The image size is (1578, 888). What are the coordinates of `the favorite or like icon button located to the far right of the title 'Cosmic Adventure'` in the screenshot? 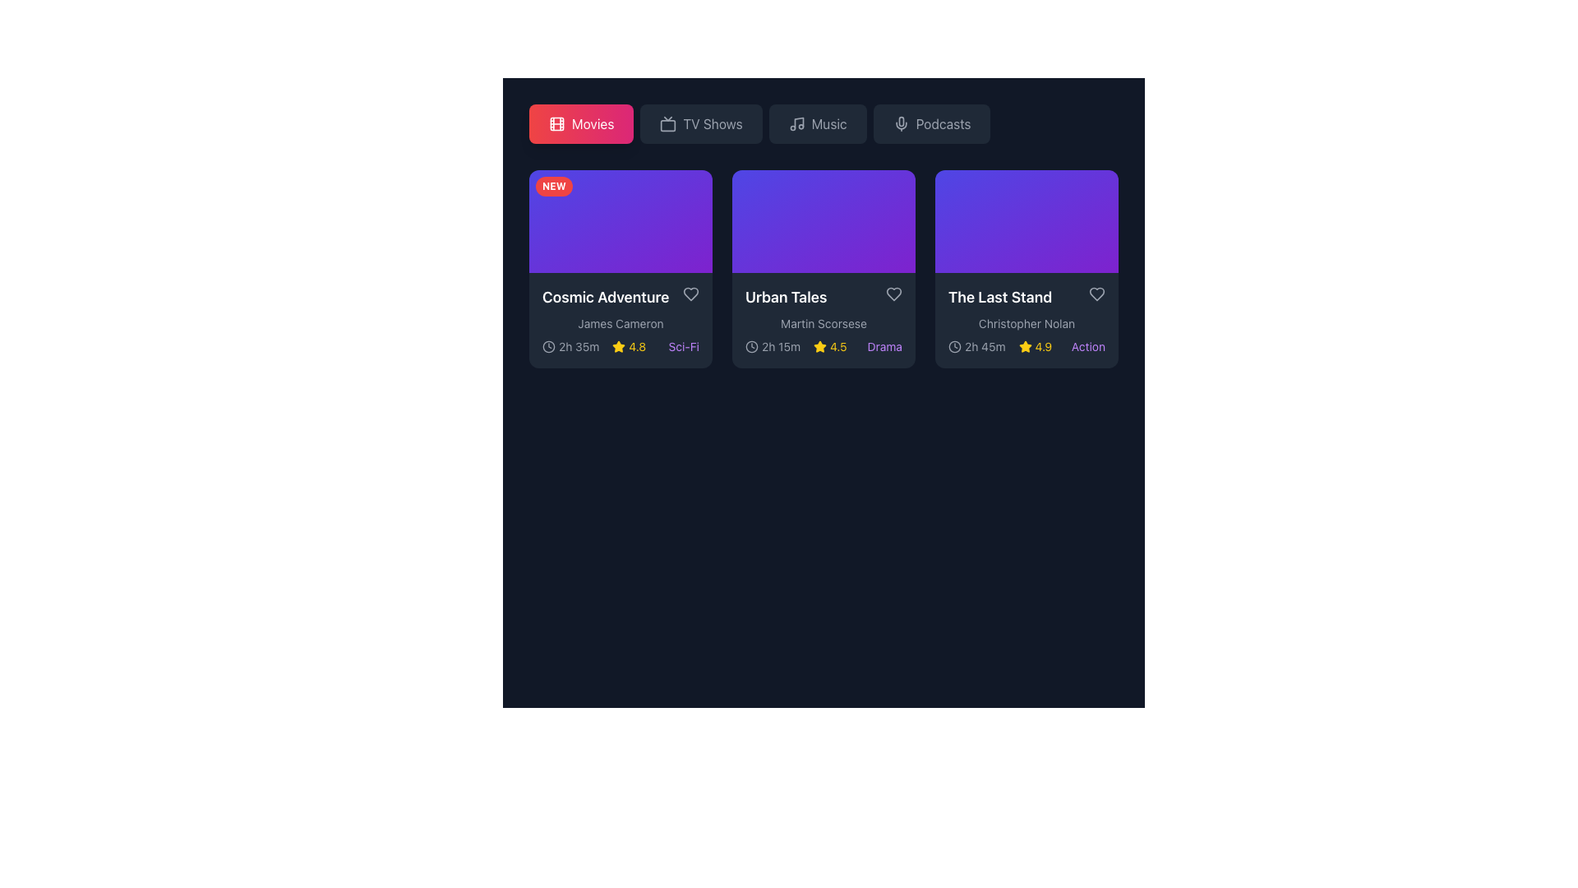 It's located at (690, 294).